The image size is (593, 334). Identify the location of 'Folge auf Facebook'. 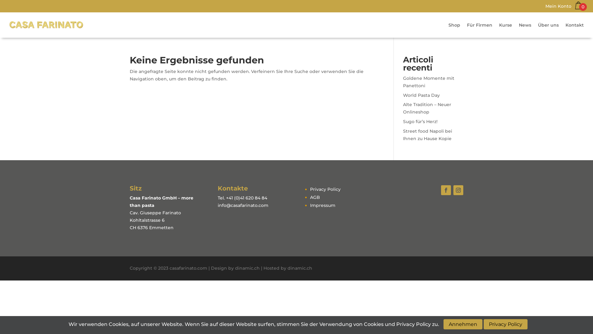
(441, 190).